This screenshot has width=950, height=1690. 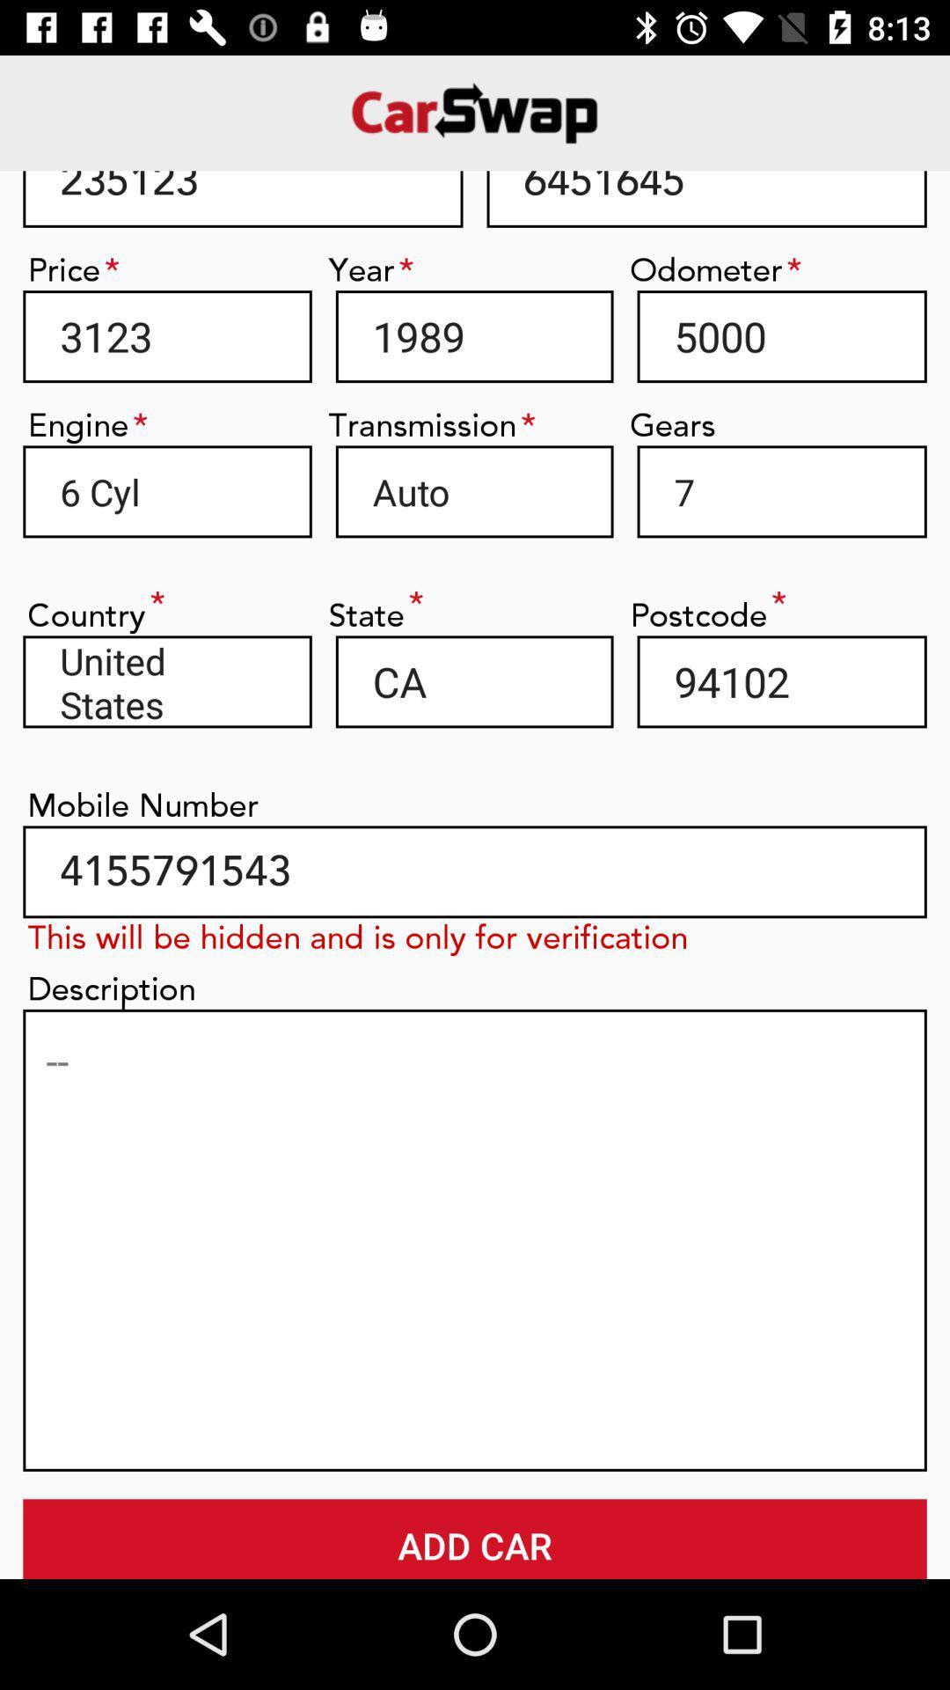 I want to click on icon below odometer icon, so click(x=781, y=336).